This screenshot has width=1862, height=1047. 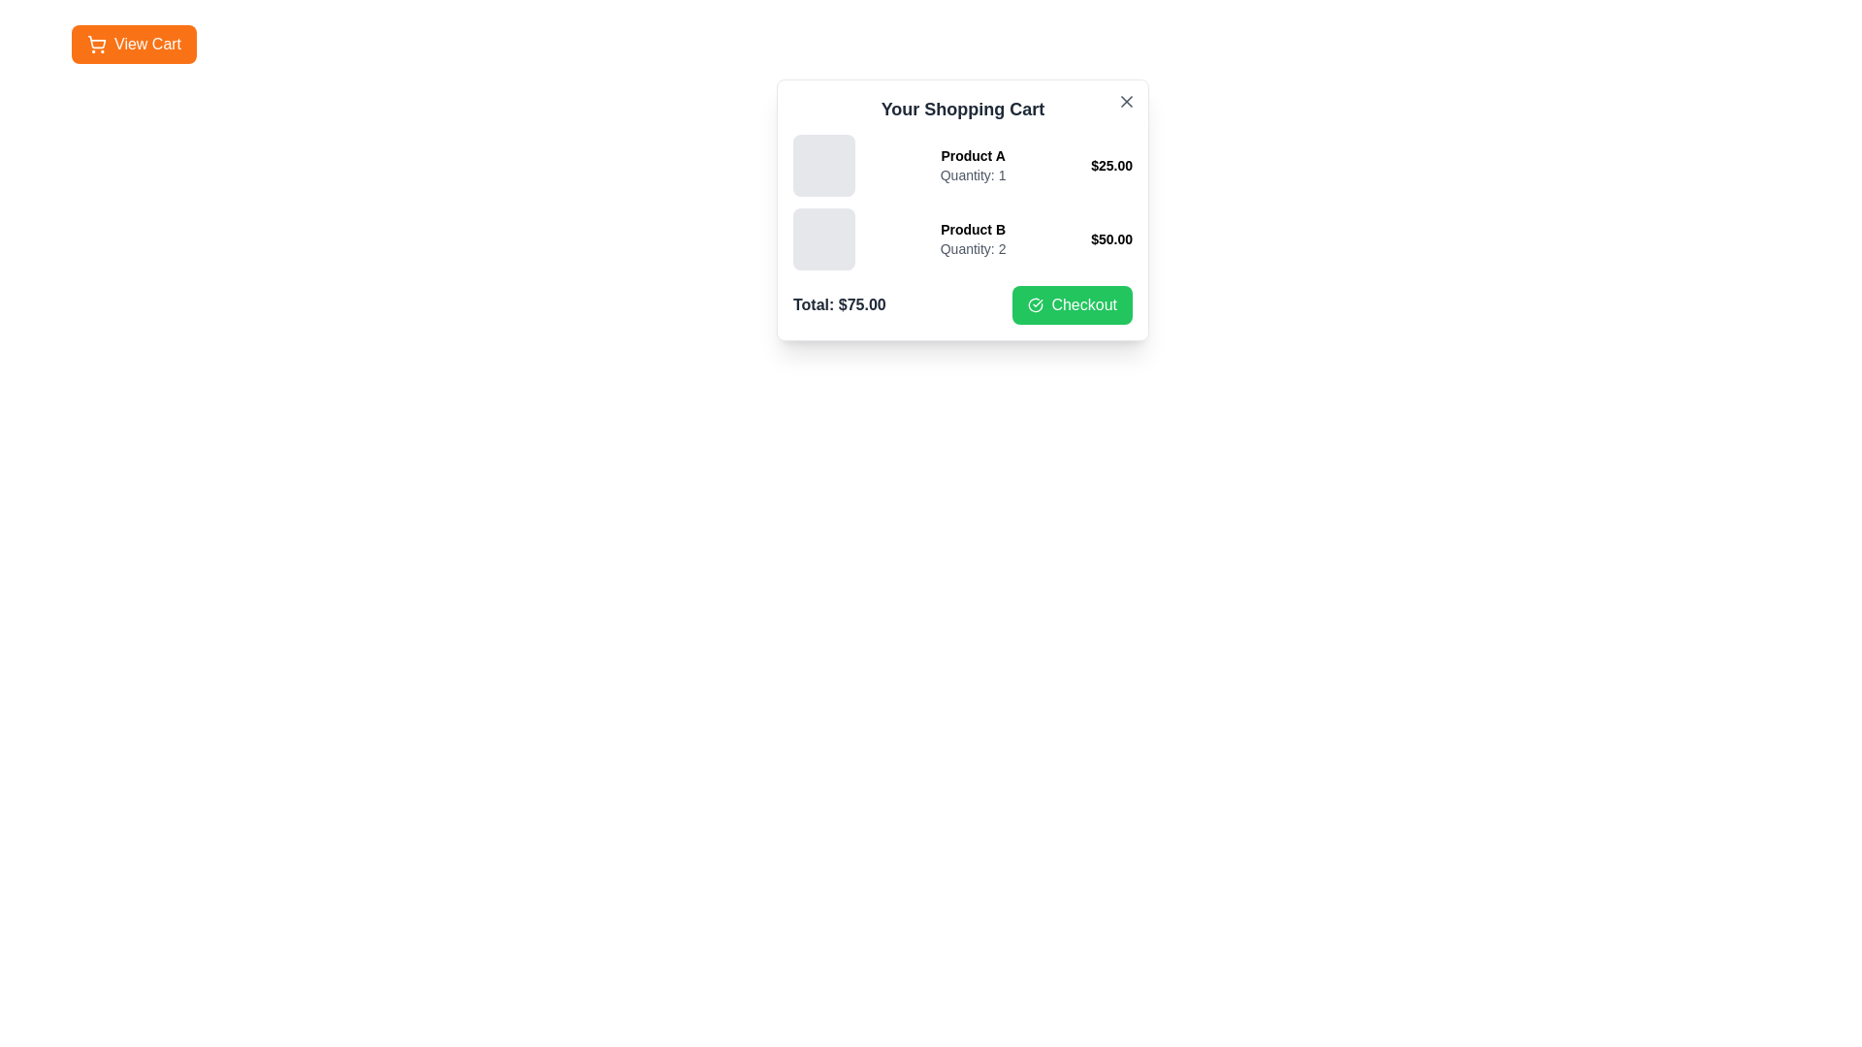 I want to click on the 'close' button represented by an SVG element in the upper-right corner of the shopping cart modal, so click(x=1126, y=101).